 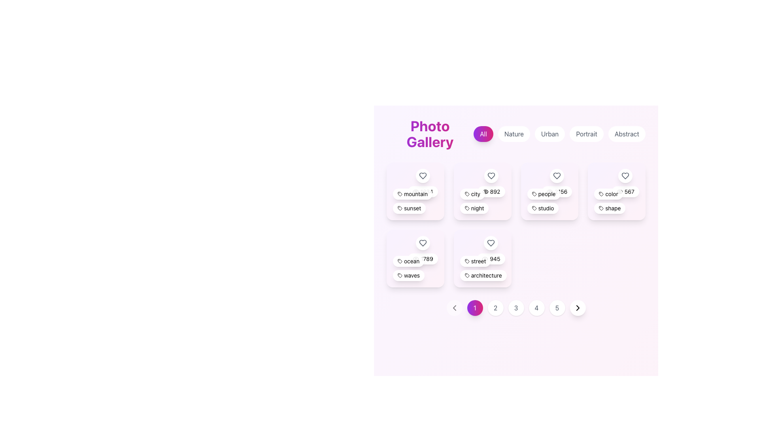 What do you see at coordinates (408, 275) in the screenshot?
I see `the pill-shaped tag labeled 'waves' with a black icon and text on a white background for tooltip information` at bounding box center [408, 275].